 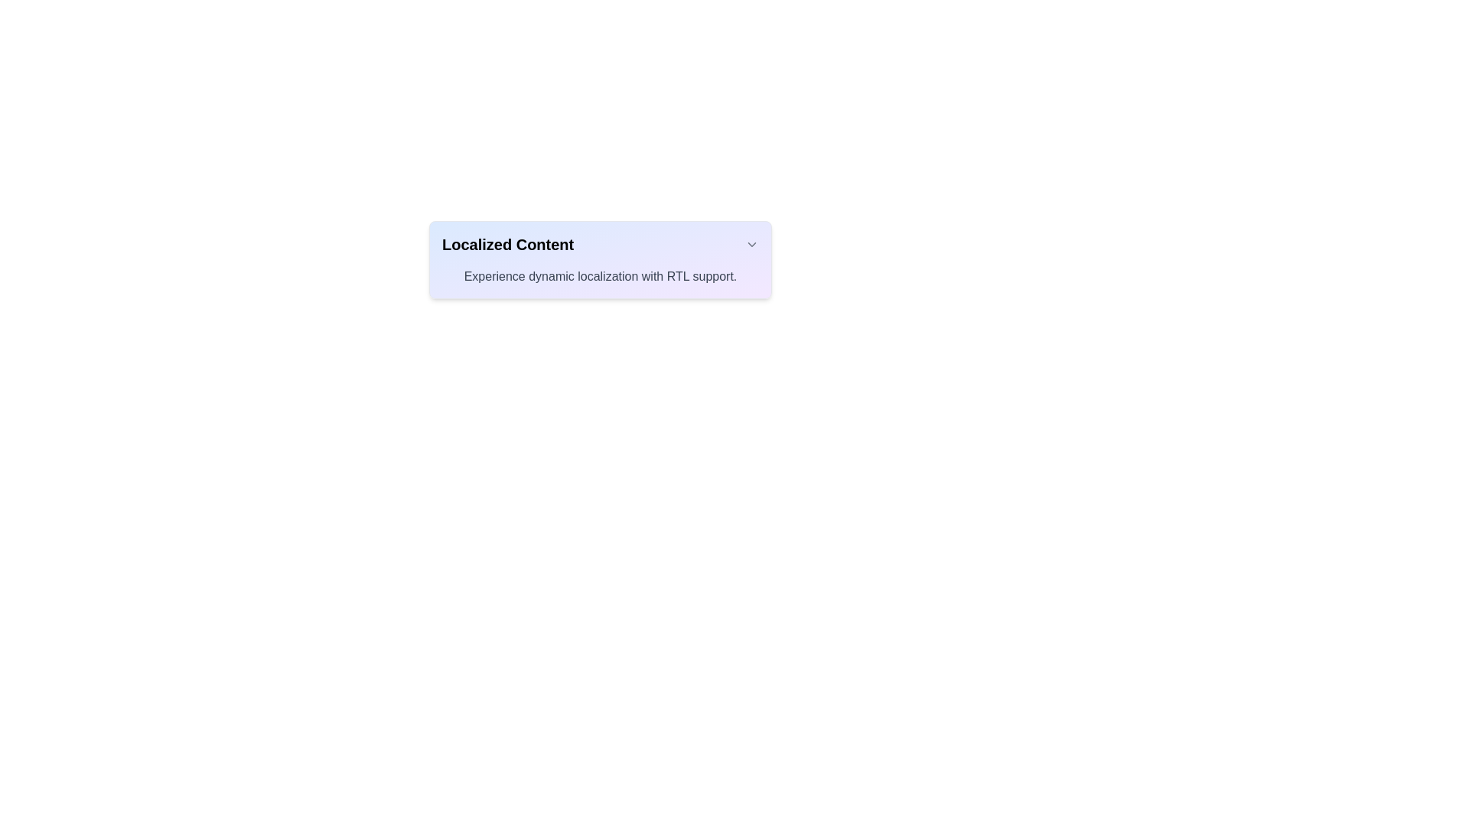 What do you see at coordinates (752, 244) in the screenshot?
I see `the downward-pointing chevron icon (a triangular arrow) next to the text 'Localized Content'` at bounding box center [752, 244].